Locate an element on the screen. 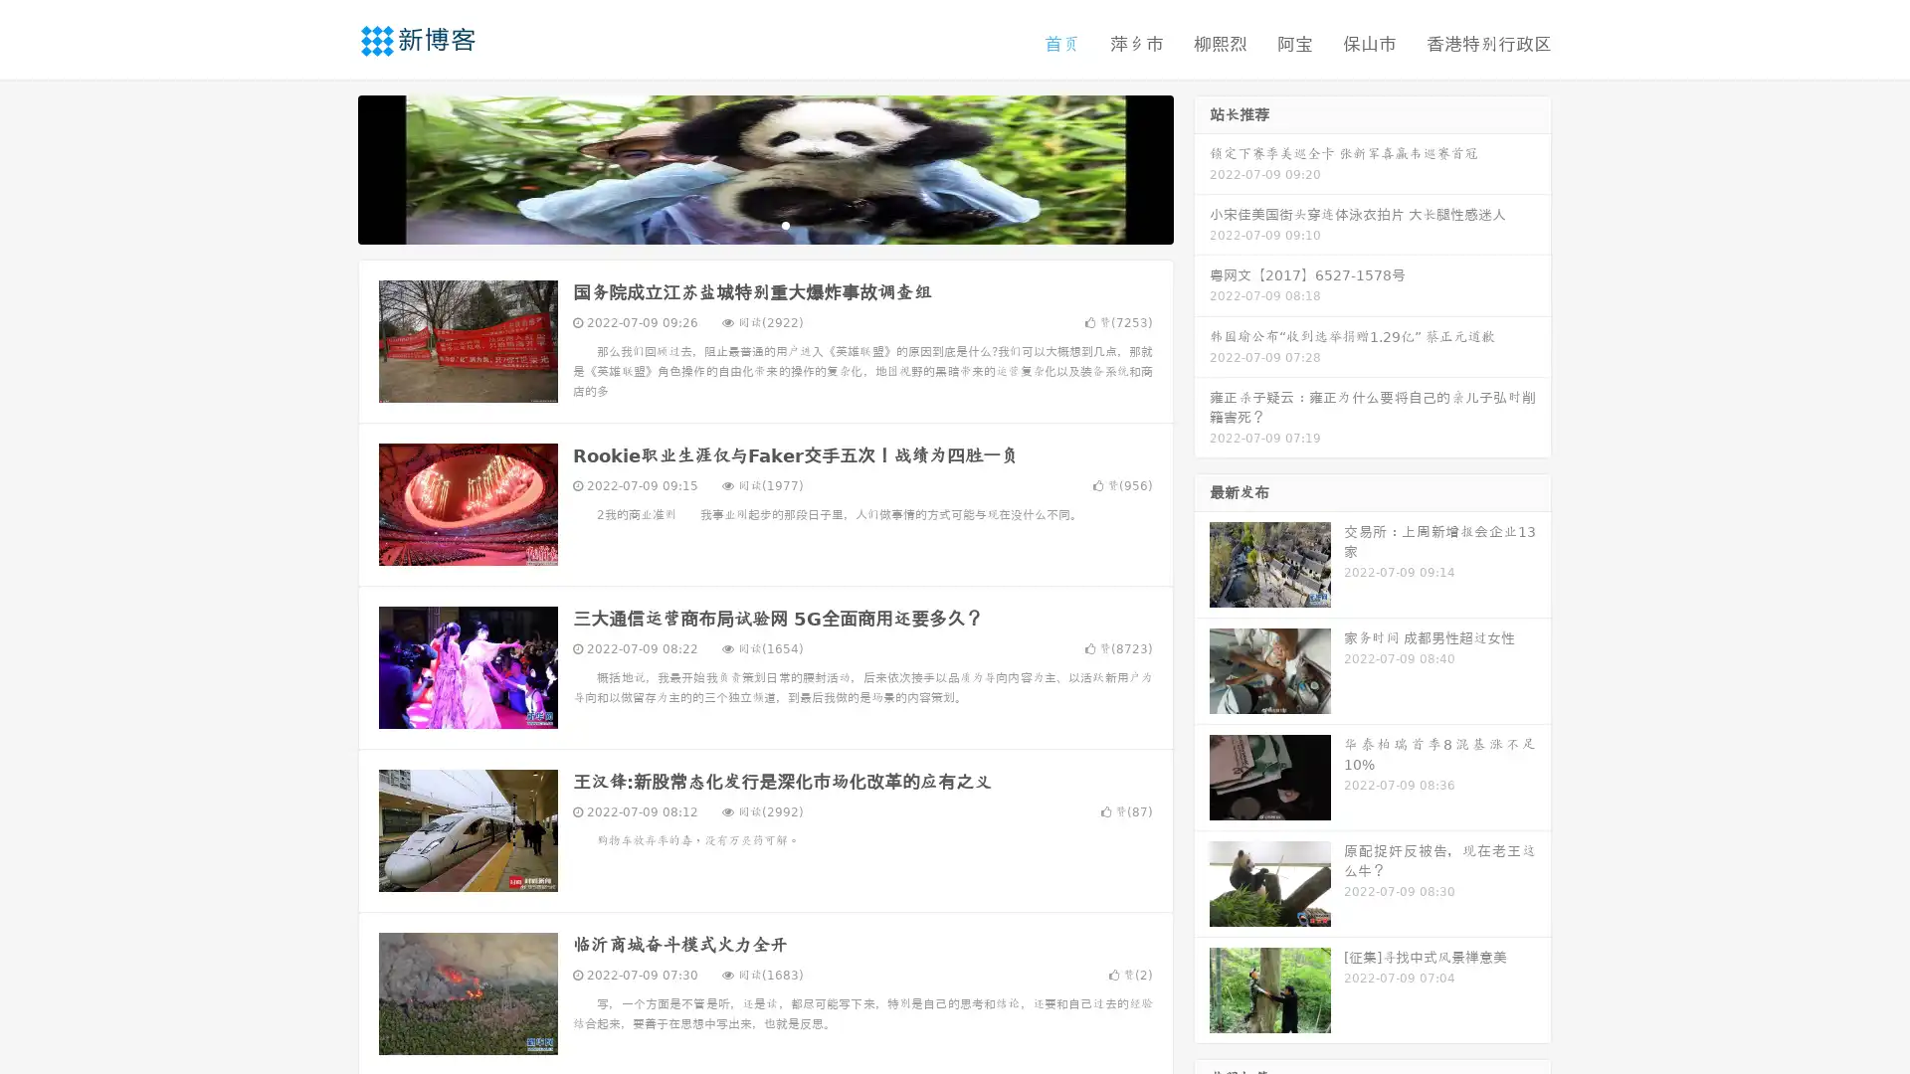 The image size is (1910, 1074). Go to slide 2 is located at coordinates (764, 224).